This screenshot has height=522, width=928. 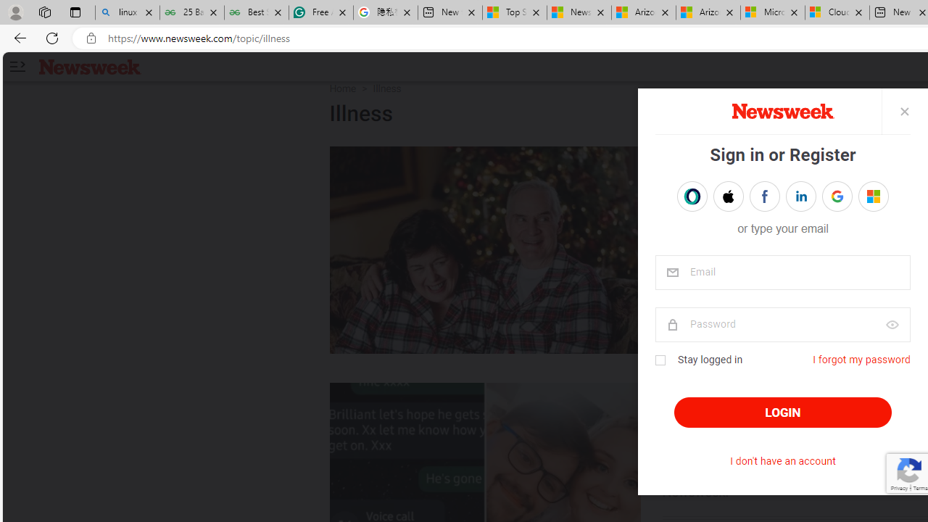 What do you see at coordinates (44, 12) in the screenshot?
I see `'Workspaces'` at bounding box center [44, 12].